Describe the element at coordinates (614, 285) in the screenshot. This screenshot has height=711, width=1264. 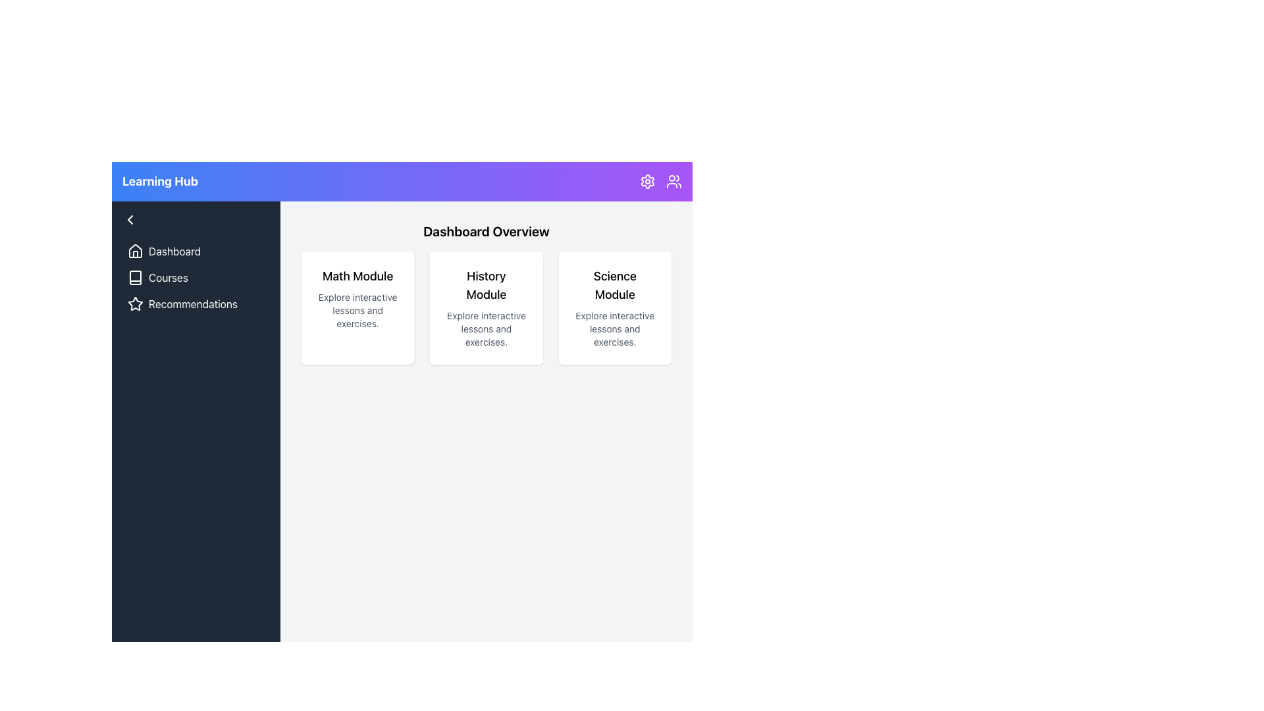
I see `the 'Science Module' text label, which is prominently displayed in a large font against a white background, located at the top of a card in the third column of the grid layout` at that location.